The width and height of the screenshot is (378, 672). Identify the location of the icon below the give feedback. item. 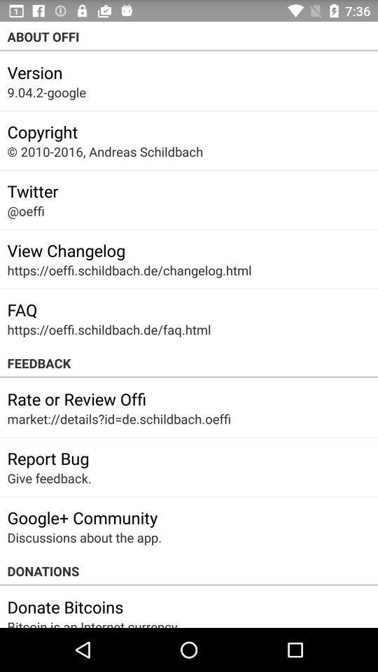
(82, 517).